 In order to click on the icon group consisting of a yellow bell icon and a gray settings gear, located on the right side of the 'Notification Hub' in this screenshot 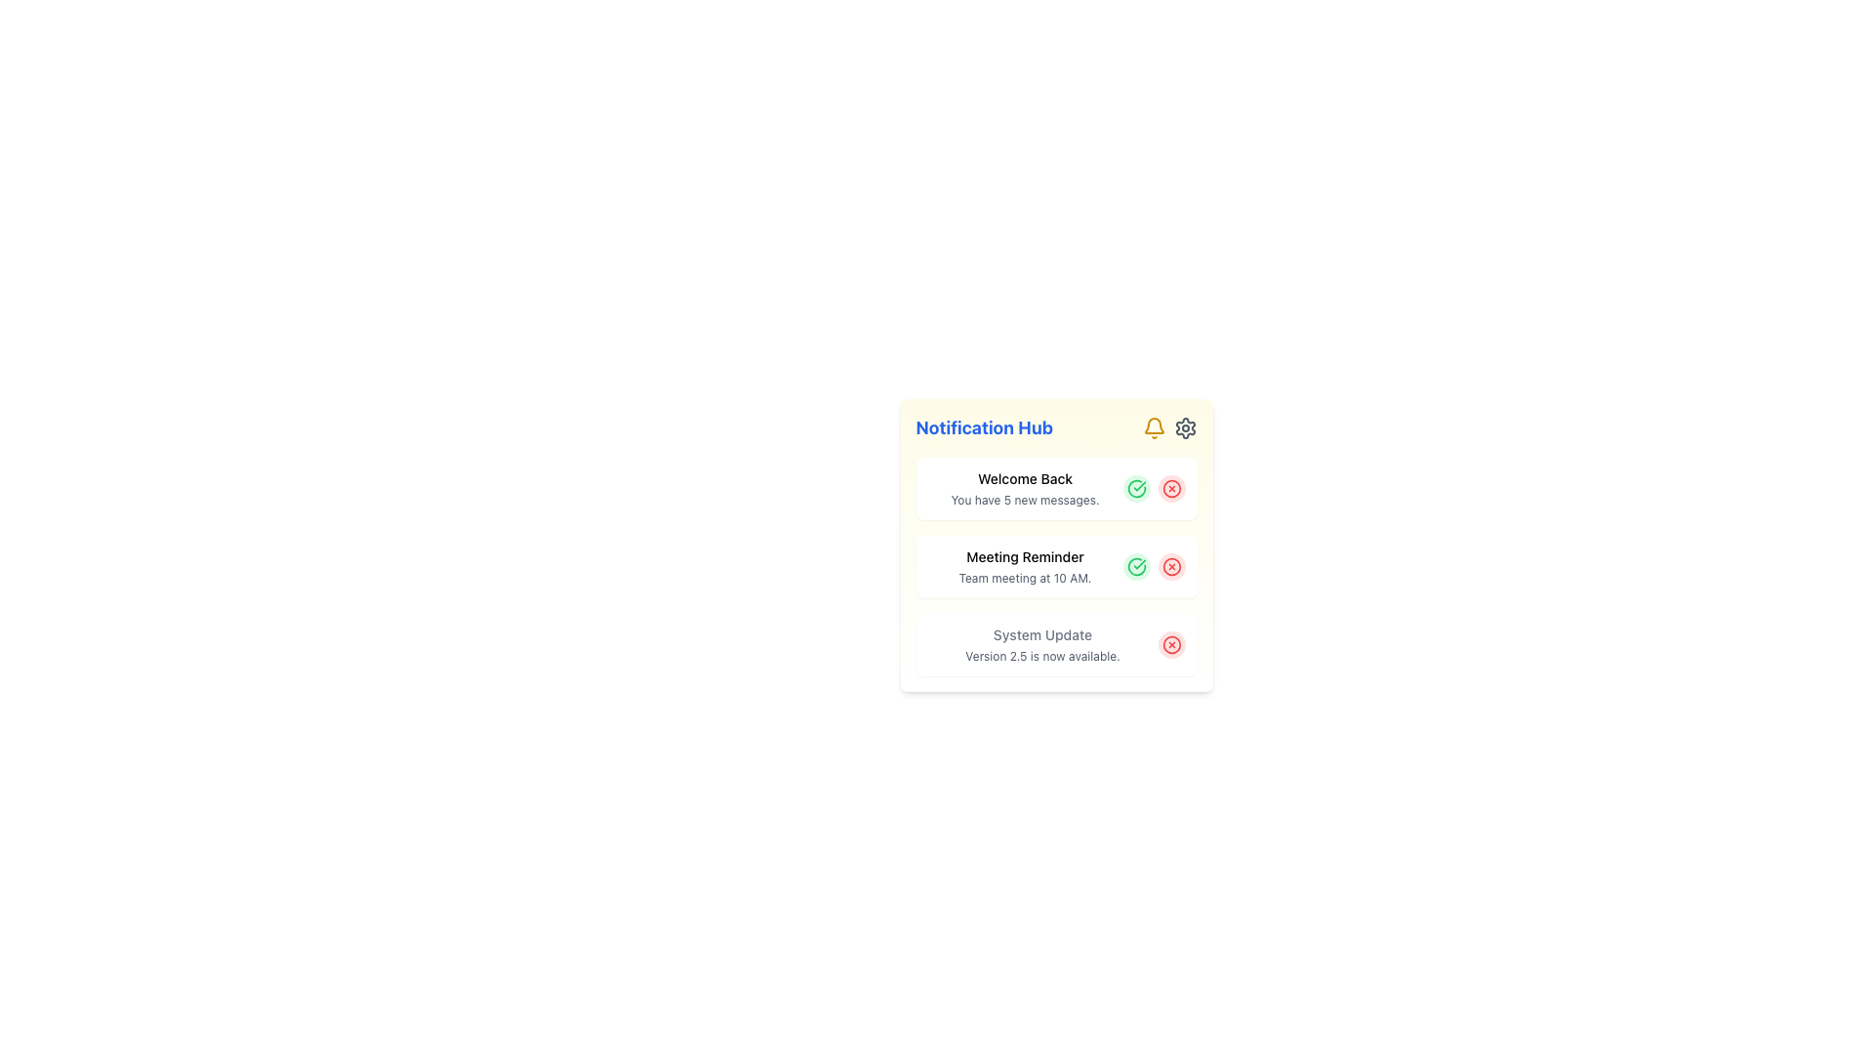, I will do `click(1169, 427)`.